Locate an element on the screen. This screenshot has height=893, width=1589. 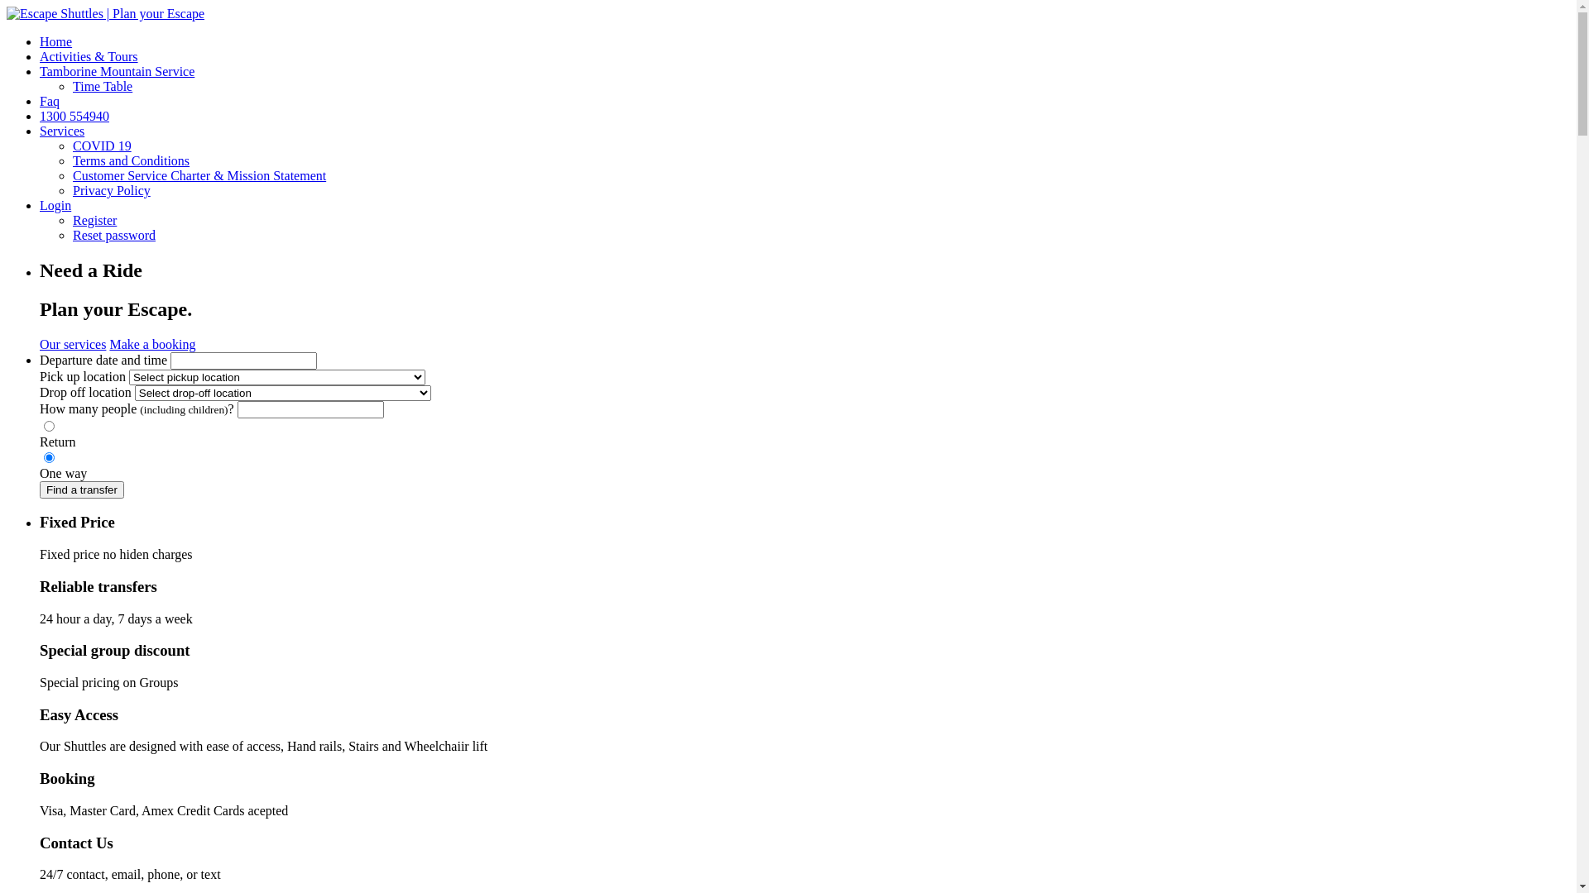
'Make a booking' is located at coordinates (151, 343).